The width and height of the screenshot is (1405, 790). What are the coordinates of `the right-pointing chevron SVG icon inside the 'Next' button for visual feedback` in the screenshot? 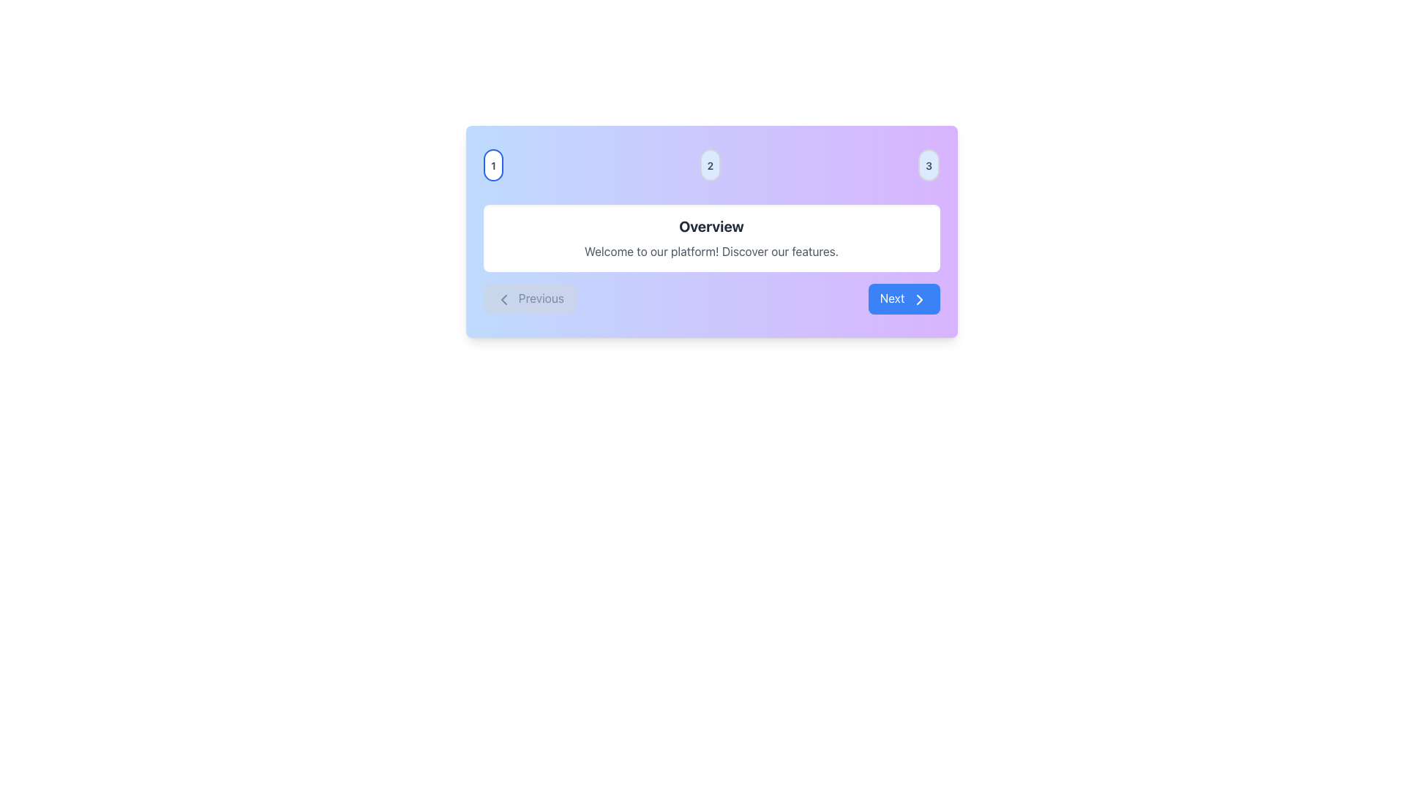 It's located at (918, 298).